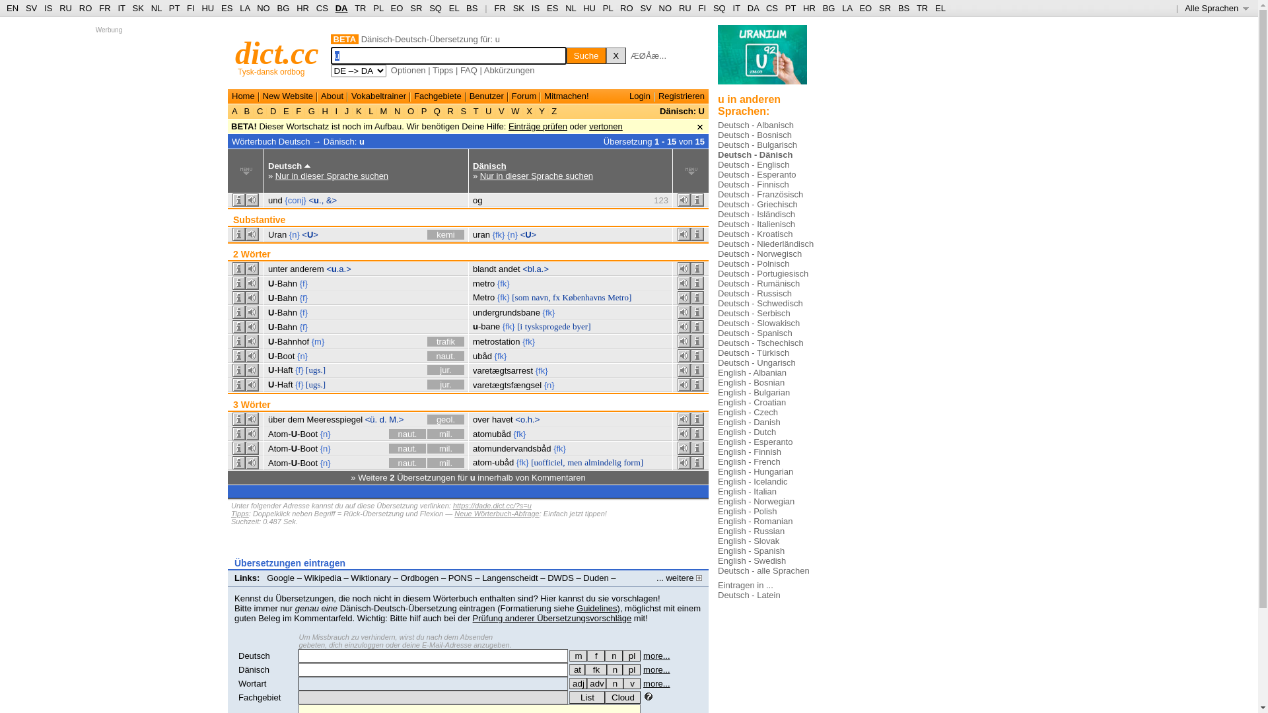  I want to click on 'Uran', so click(277, 234).